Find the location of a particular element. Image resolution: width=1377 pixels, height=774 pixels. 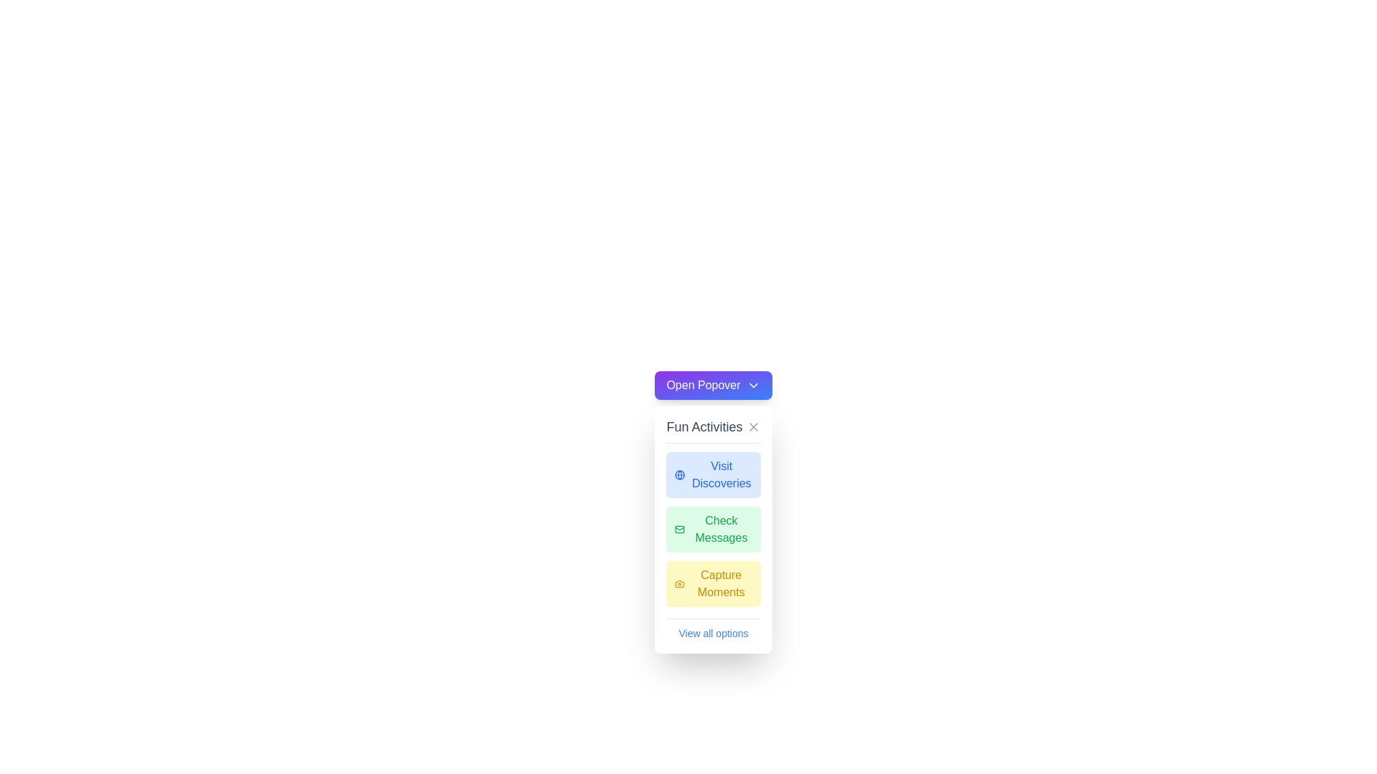

the 'Capture Moments' button, which is a rectangular button with a yellow background and a camera icon, located within the 'Fun Activities' section as the third visible option is located at coordinates (713, 583).